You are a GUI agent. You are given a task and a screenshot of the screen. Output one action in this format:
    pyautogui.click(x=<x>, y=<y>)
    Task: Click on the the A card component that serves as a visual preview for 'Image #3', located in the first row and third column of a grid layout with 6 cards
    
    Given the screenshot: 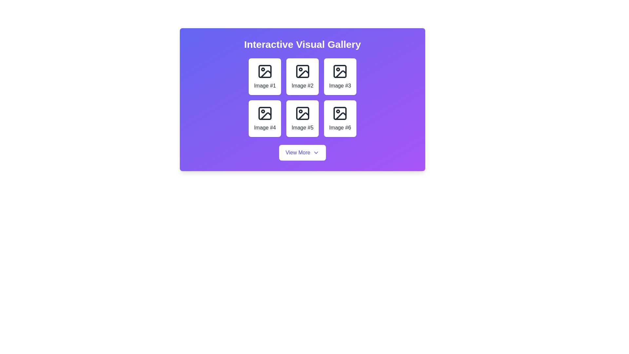 What is the action you would take?
    pyautogui.click(x=340, y=76)
    